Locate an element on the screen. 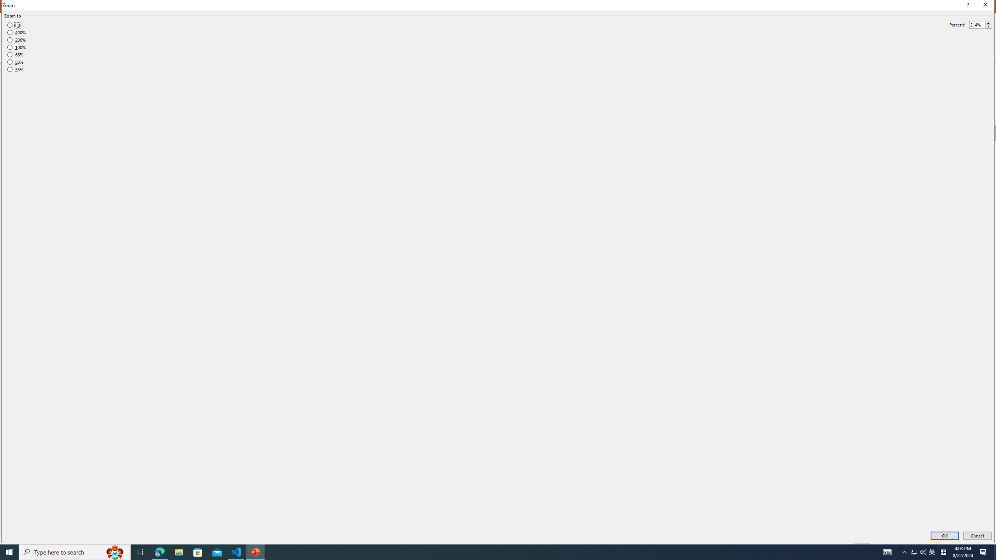  '200%' is located at coordinates (16, 40).